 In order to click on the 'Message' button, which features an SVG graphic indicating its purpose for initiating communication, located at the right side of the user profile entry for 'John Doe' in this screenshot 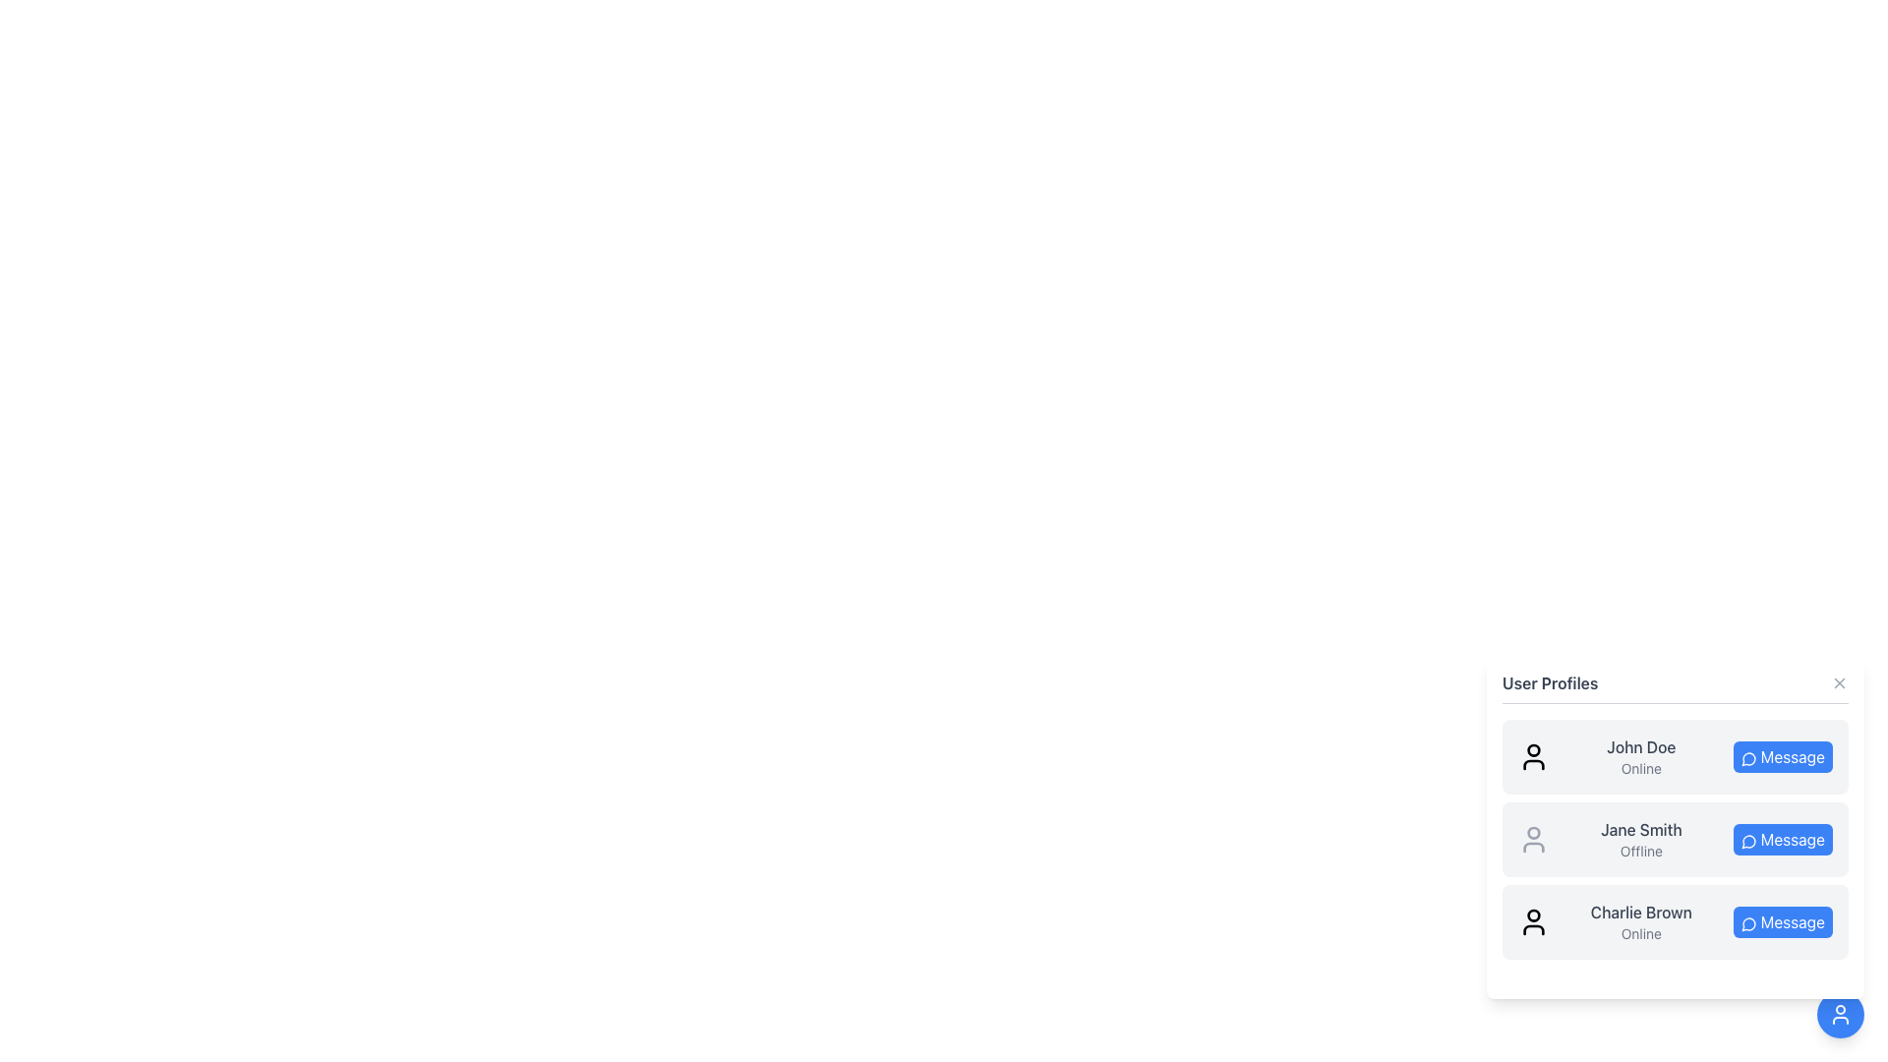, I will do `click(1748, 757)`.